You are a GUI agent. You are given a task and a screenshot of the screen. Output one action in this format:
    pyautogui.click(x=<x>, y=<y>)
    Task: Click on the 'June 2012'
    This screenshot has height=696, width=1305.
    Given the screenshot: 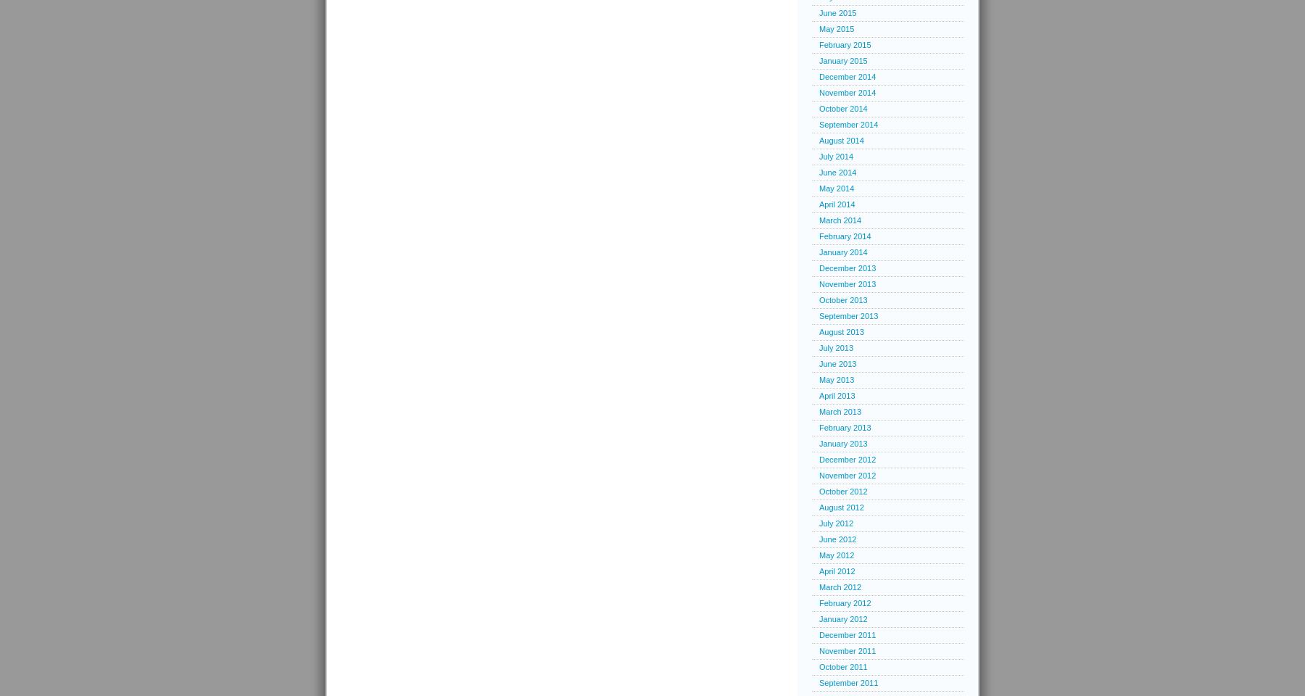 What is the action you would take?
    pyautogui.click(x=837, y=539)
    